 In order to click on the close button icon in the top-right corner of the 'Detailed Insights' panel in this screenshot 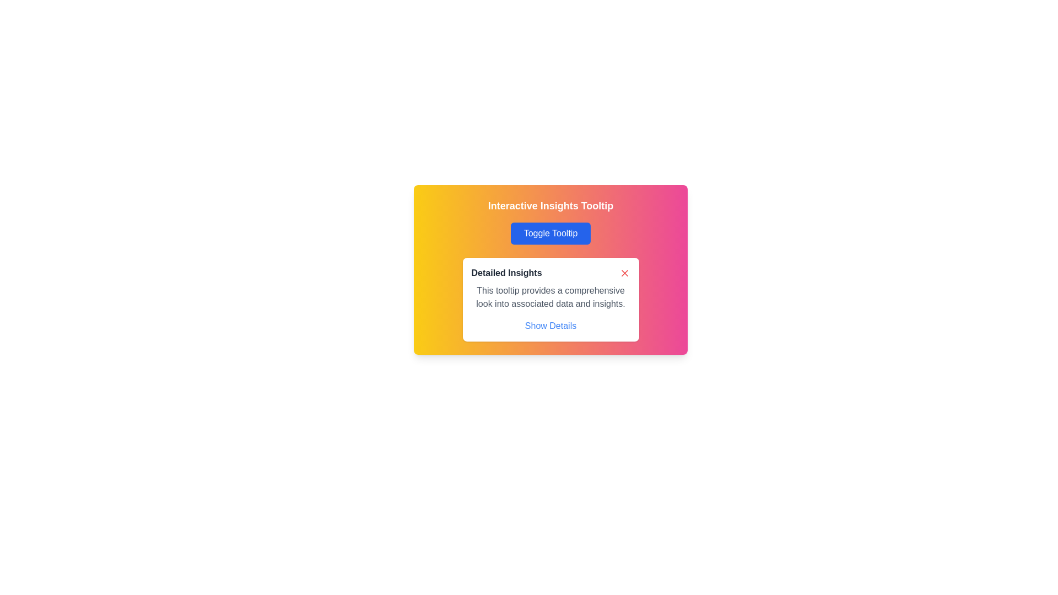, I will do `click(624, 273)`.